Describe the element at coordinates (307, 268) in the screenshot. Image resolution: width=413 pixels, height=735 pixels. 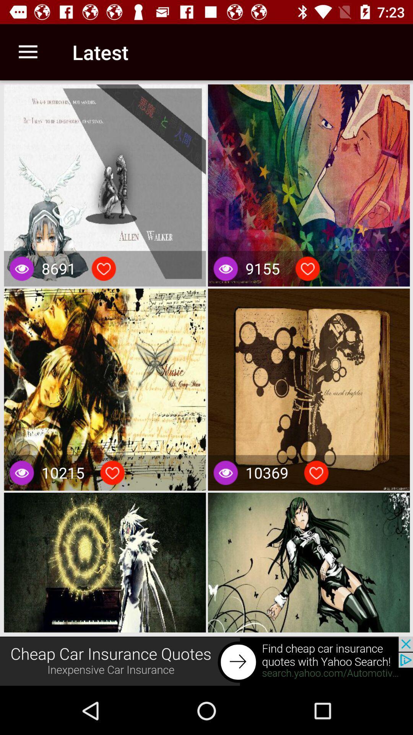
I see `set as favorite` at that location.